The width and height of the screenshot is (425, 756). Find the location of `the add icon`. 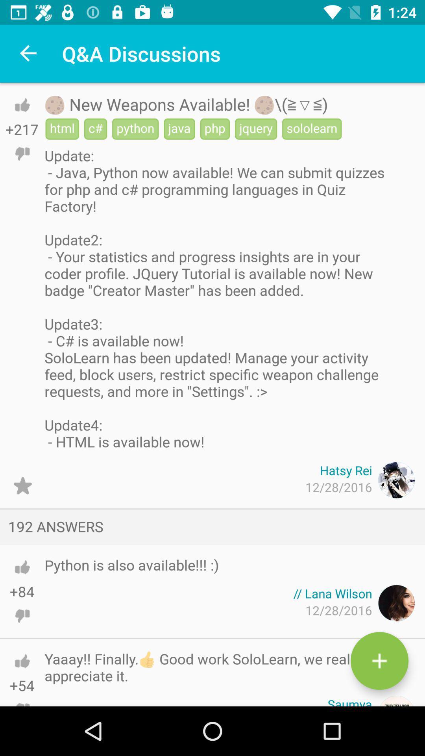

the add icon is located at coordinates (379, 661).